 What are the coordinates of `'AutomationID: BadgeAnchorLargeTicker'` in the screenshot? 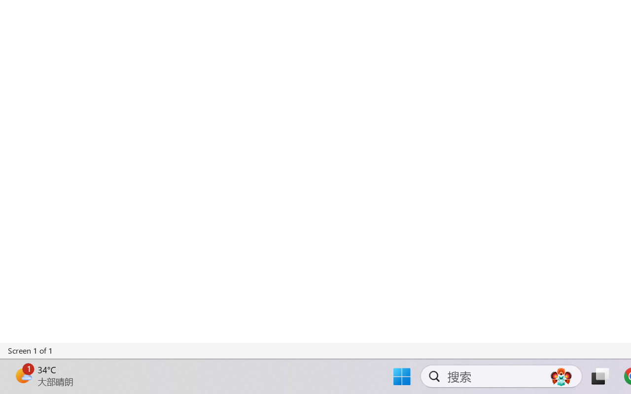 It's located at (23, 375).